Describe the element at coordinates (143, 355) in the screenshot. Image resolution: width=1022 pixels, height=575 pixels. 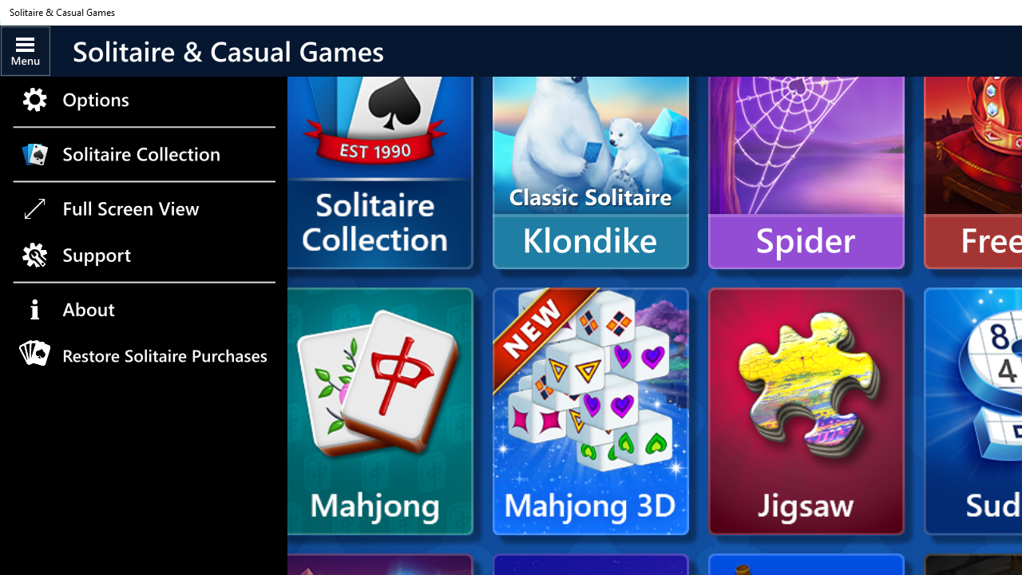
I see `'Restore Solitaire Purchases'` at that location.